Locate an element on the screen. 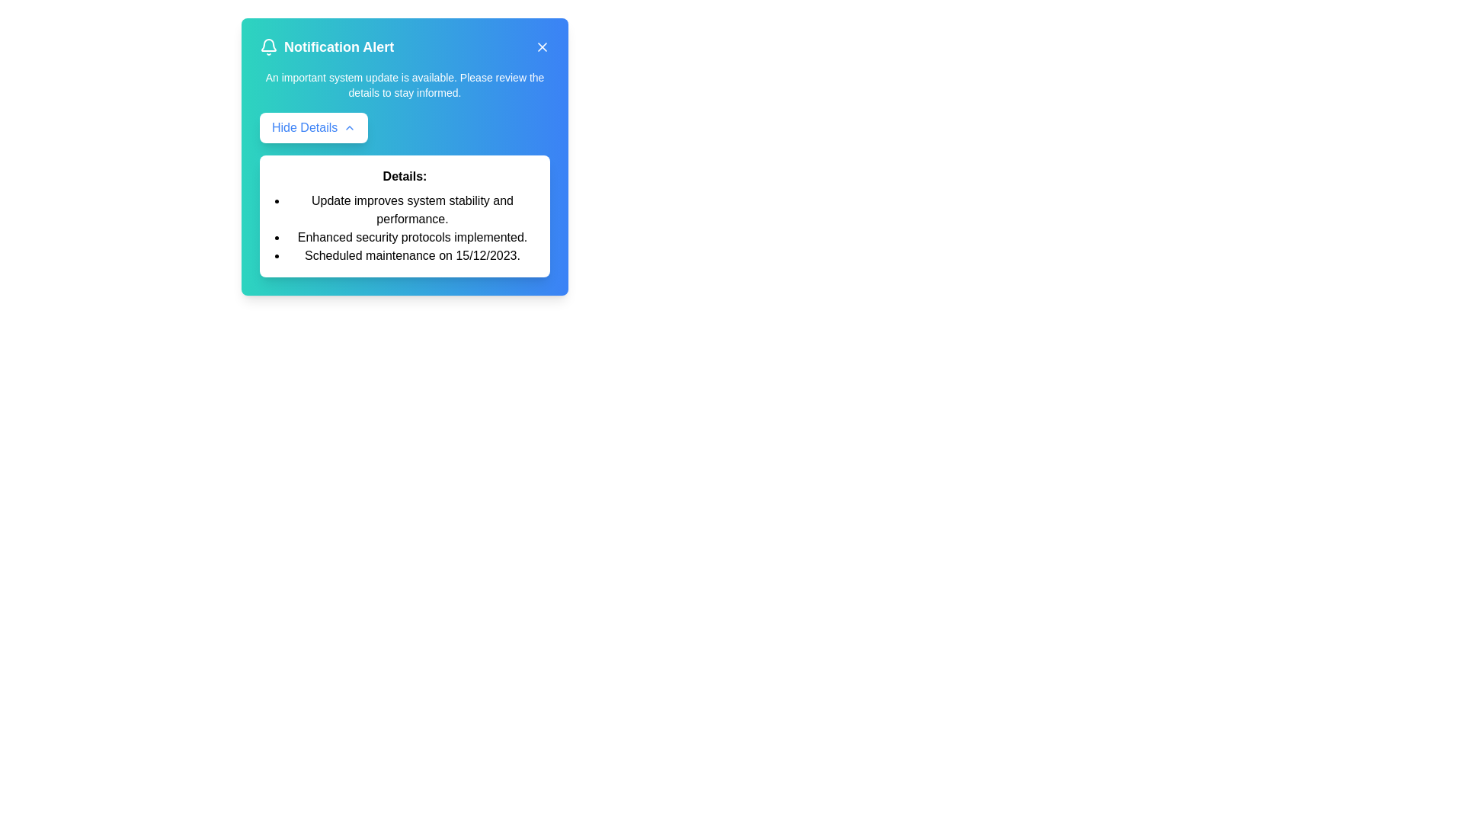 The height and width of the screenshot is (823, 1463). the 'Hide Details' button to collapse the details section is located at coordinates (313, 127).